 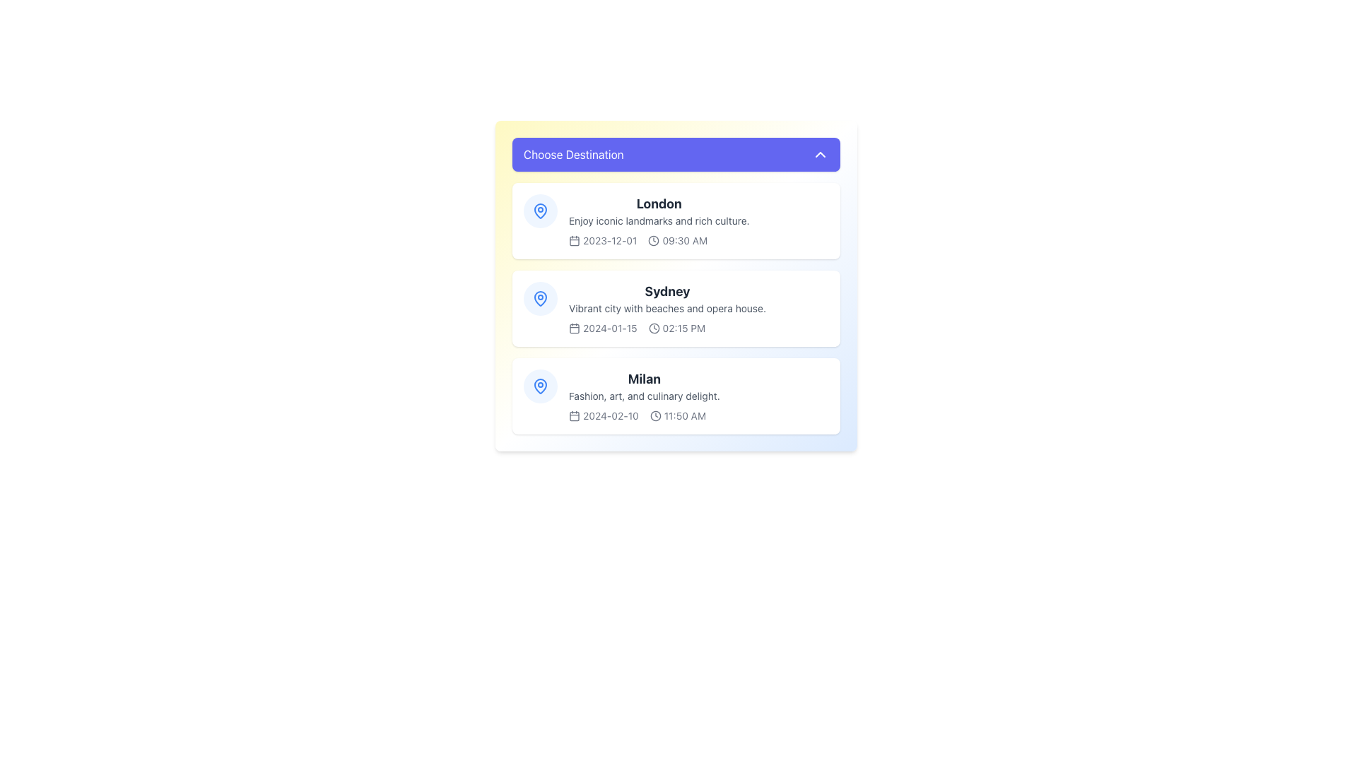 I want to click on the text label indicating the destination 'Milan', so click(x=644, y=378).